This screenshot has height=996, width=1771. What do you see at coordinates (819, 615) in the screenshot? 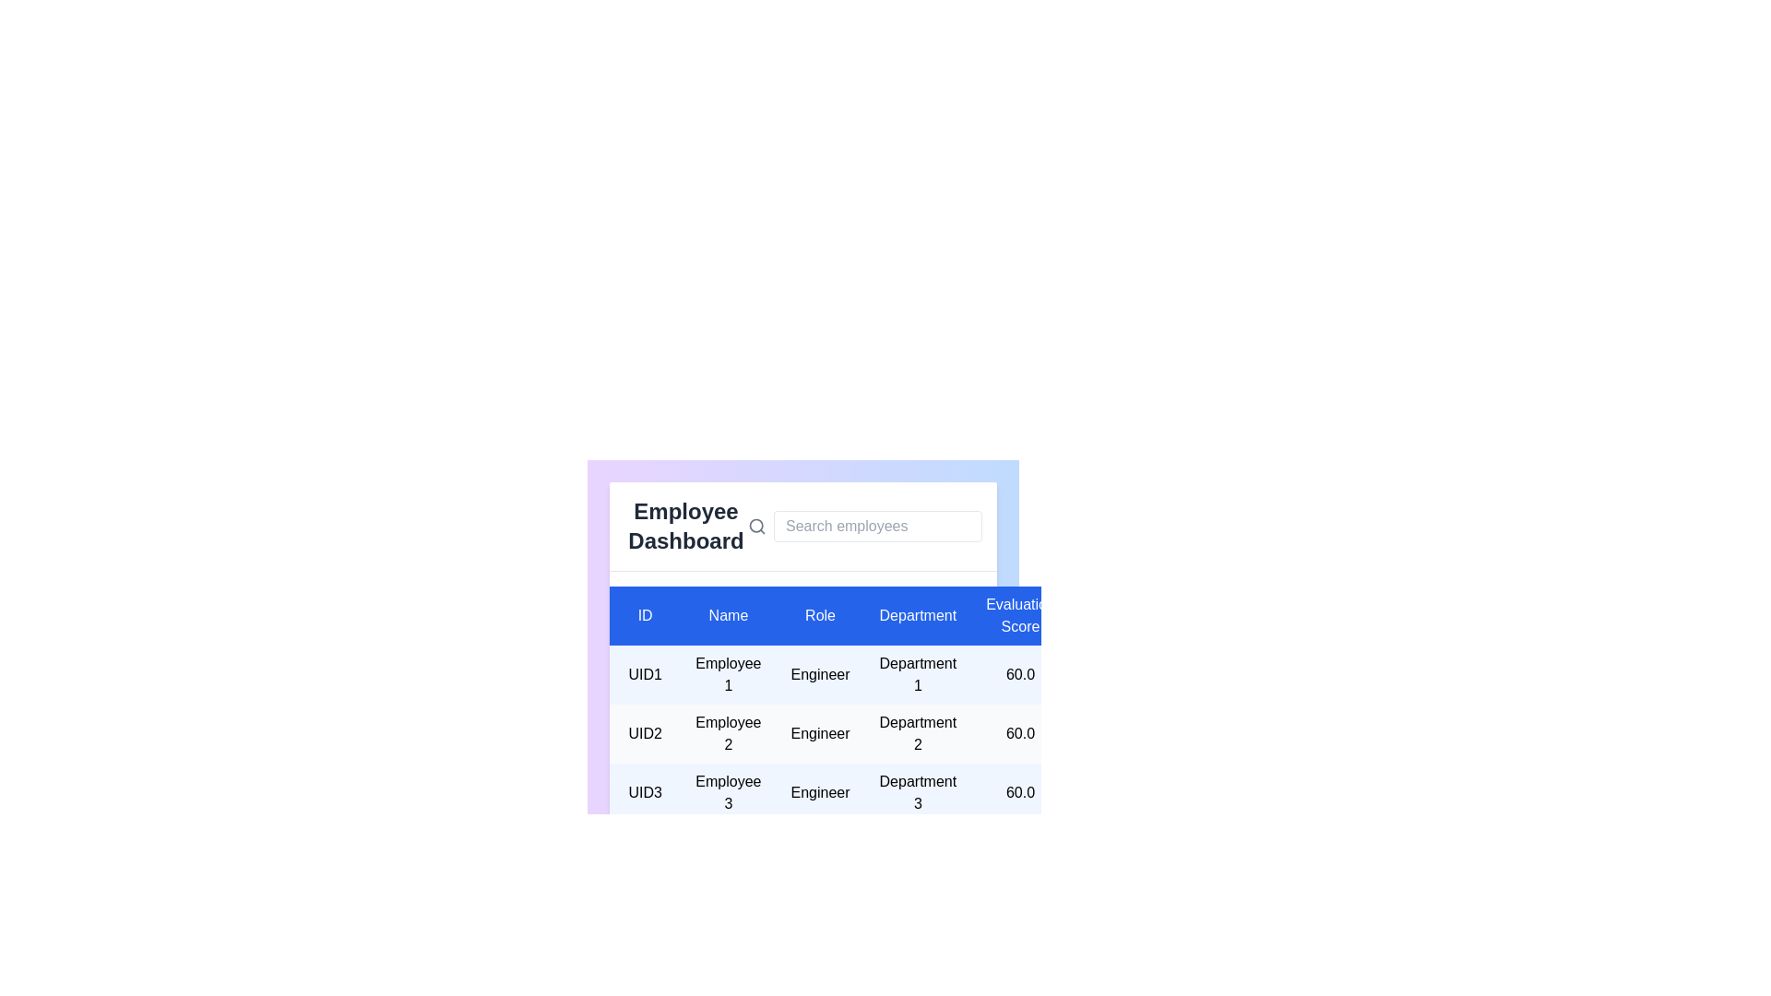
I see `the table header labeled 'Role' to highlight the respective column` at bounding box center [819, 615].